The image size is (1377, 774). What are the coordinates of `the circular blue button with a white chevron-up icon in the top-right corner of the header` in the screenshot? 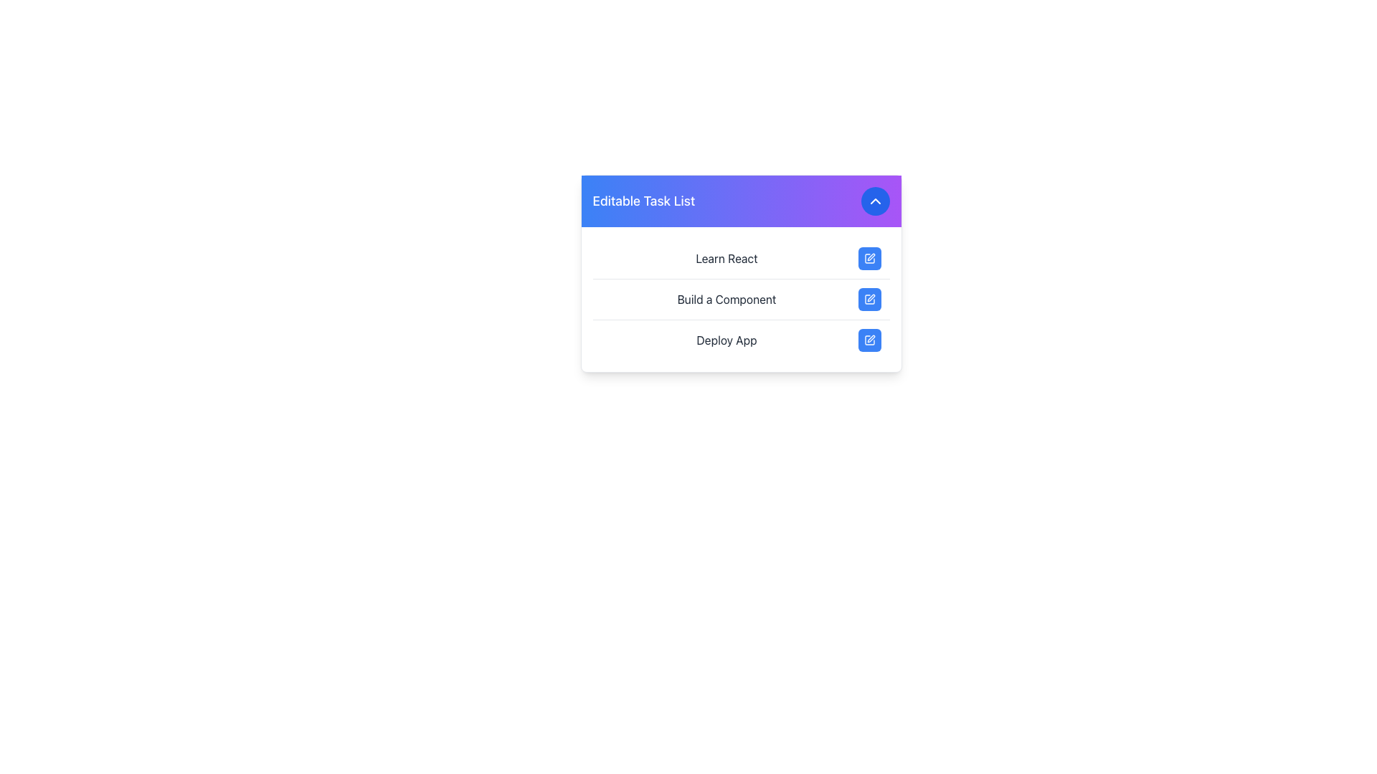 It's located at (874, 201).